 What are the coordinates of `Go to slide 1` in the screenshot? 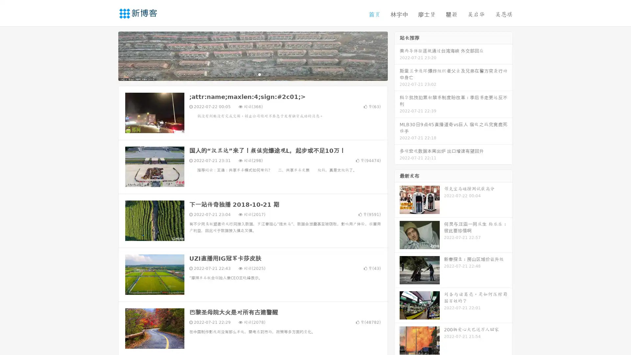 It's located at (246, 74).